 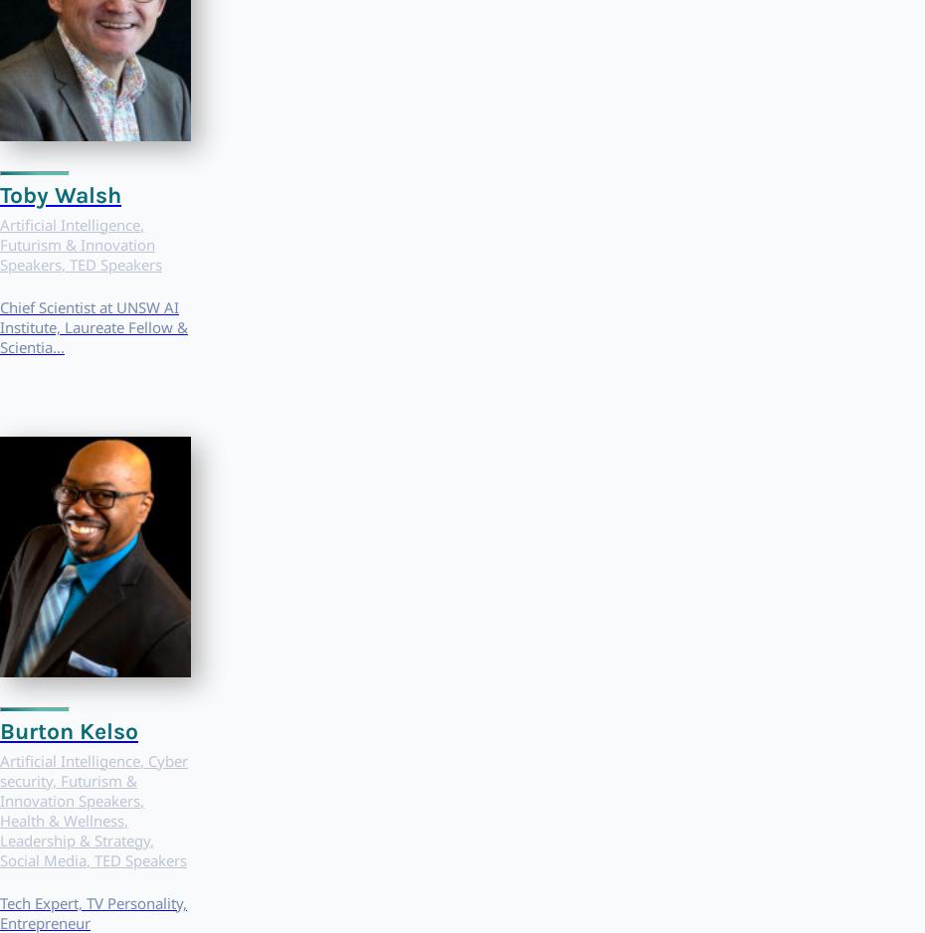 What do you see at coordinates (68, 729) in the screenshot?
I see `'Burton Kelso'` at bounding box center [68, 729].